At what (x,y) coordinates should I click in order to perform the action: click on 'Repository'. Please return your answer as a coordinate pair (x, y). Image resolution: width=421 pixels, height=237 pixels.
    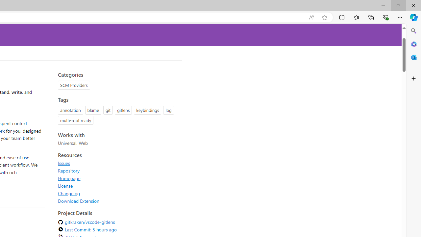
    Looking at the image, I should click on (69, 170).